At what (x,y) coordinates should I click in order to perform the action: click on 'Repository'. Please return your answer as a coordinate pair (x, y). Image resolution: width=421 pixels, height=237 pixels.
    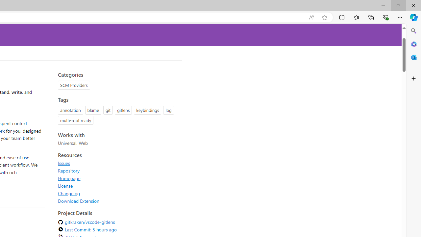
    Looking at the image, I should click on (69, 170).